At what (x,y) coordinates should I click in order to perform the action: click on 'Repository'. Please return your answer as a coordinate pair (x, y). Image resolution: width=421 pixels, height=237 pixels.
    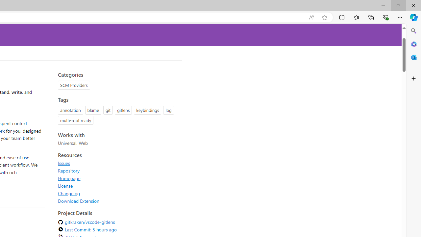
    Looking at the image, I should click on (69, 170).